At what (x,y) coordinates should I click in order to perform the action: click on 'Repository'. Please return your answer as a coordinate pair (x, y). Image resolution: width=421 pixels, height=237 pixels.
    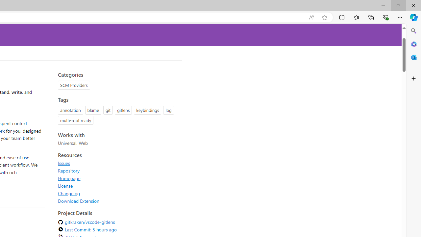
    Looking at the image, I should click on (69, 170).